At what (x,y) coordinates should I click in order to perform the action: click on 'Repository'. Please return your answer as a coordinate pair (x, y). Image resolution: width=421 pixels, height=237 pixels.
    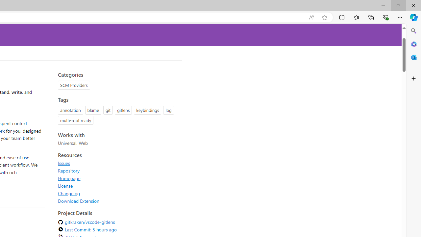
    Looking at the image, I should click on (69, 170).